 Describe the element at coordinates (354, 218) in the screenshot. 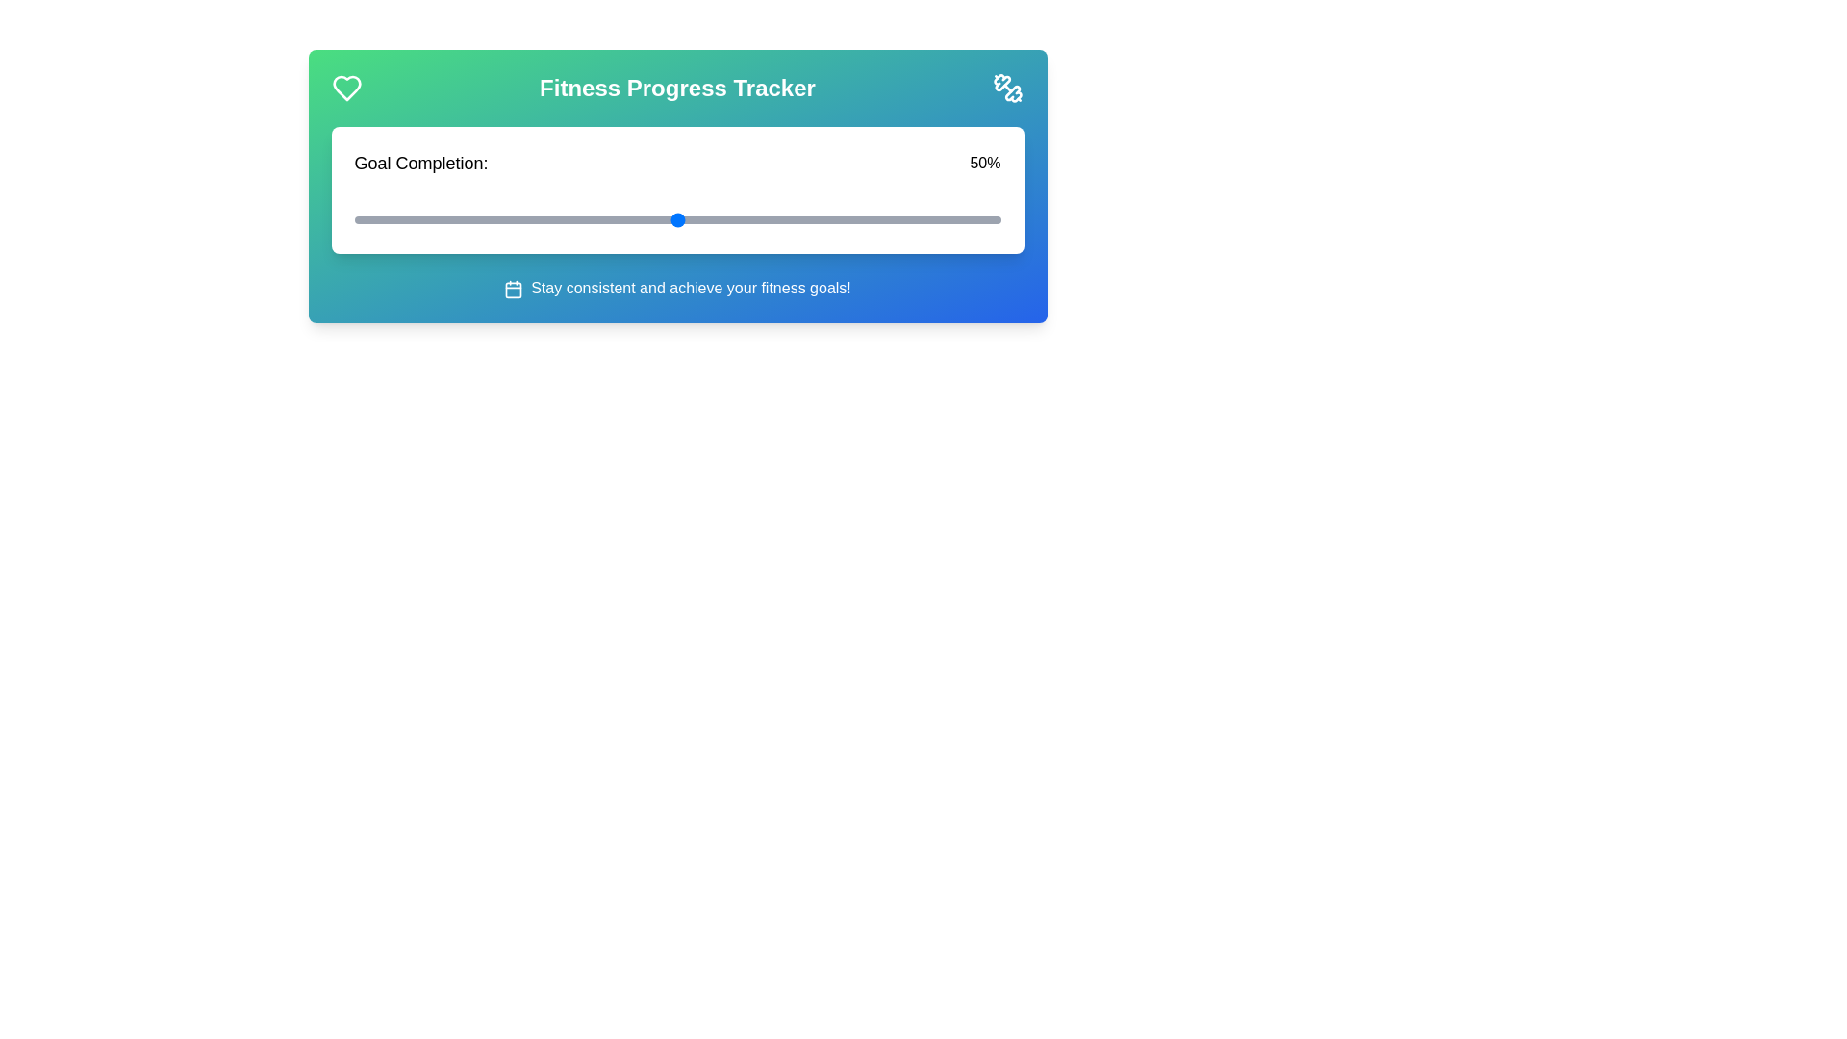

I see `the slider to set the goal completion percentage to 0` at that location.